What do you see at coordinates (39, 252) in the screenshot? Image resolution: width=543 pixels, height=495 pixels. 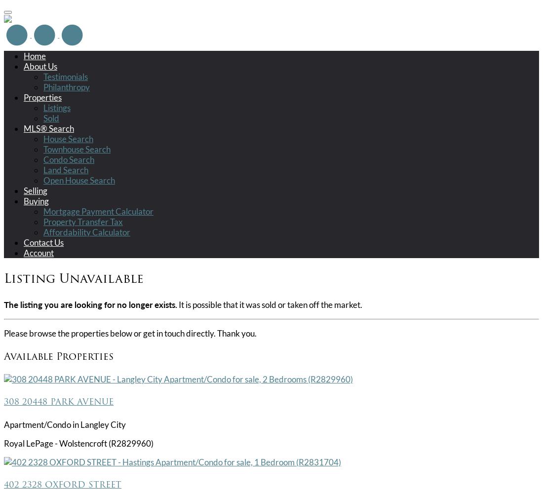 I see `'Account'` at bounding box center [39, 252].